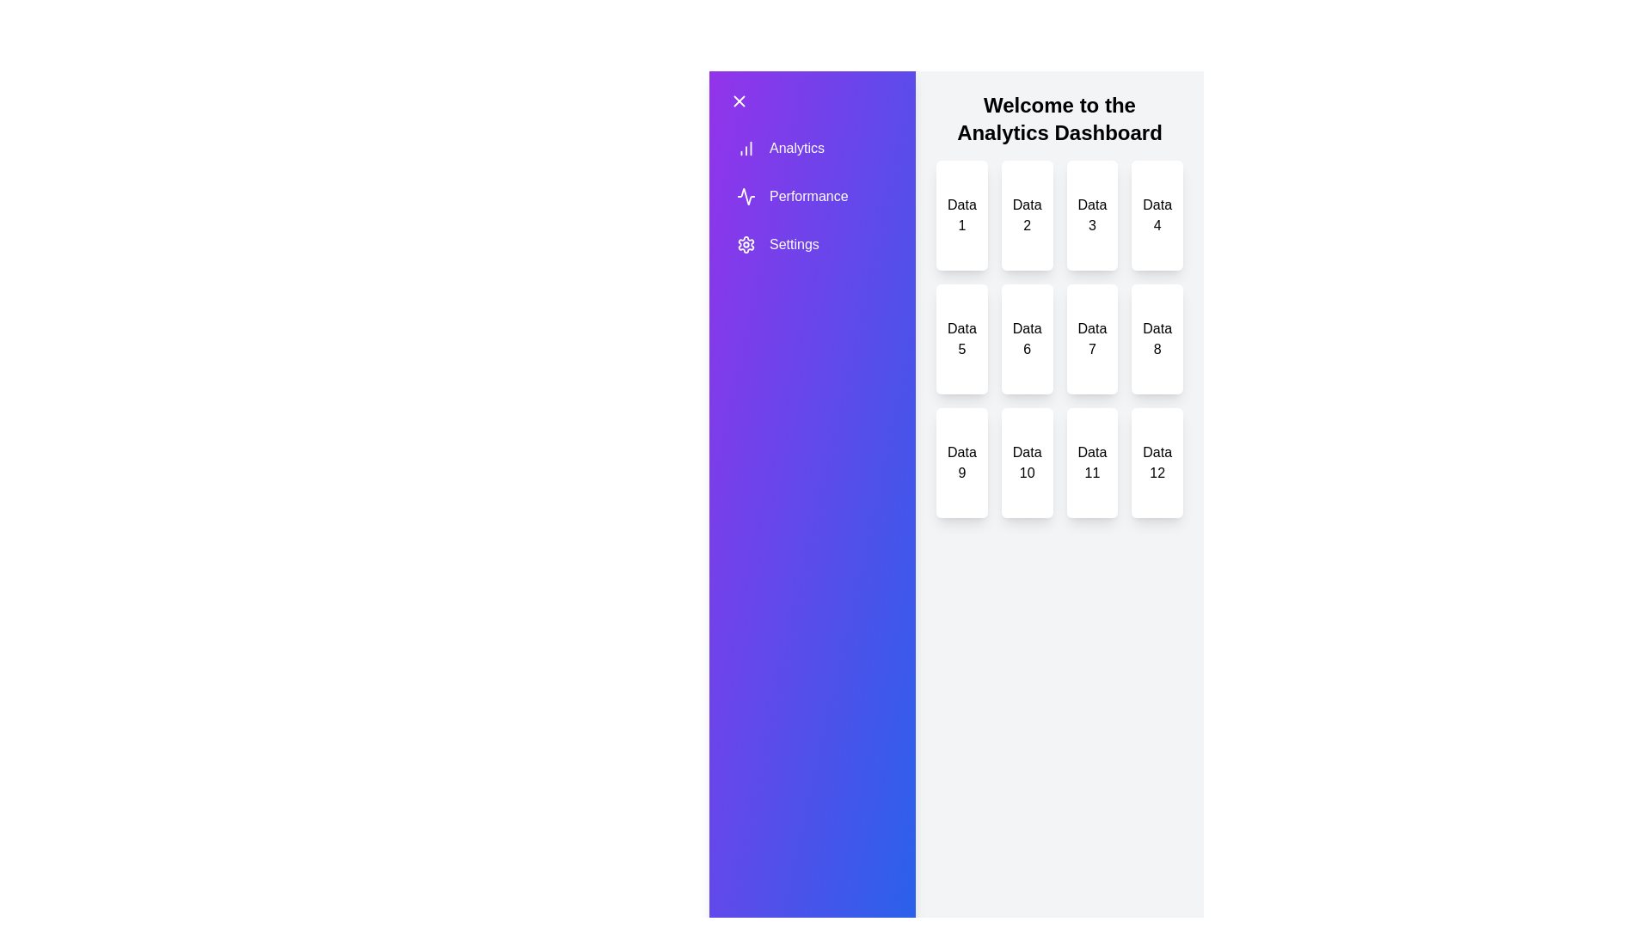  Describe the element at coordinates (791, 245) in the screenshot. I see `the drawer item labeled Settings to trigger its hover effect` at that location.